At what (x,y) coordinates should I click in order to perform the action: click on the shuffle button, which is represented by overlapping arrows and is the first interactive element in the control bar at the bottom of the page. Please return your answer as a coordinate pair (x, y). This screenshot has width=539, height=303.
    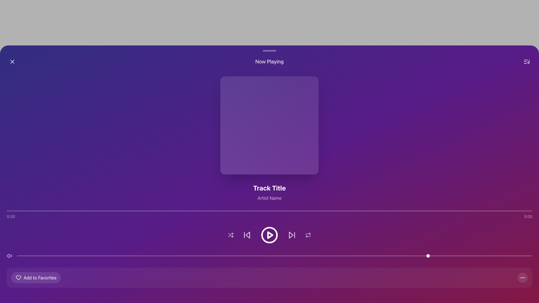
    Looking at the image, I should click on (230, 235).